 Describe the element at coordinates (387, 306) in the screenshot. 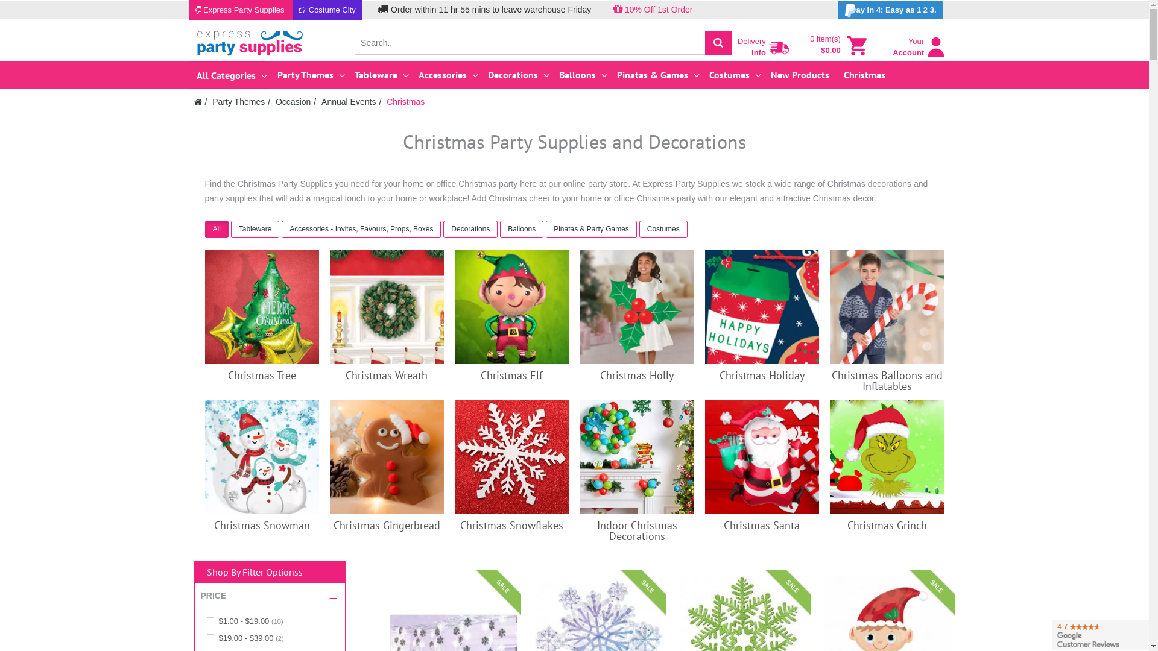

I see `'Christmas Wreath'` at that location.